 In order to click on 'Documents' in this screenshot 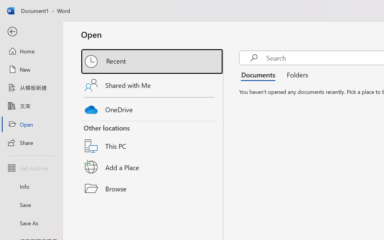, I will do `click(260, 74)`.